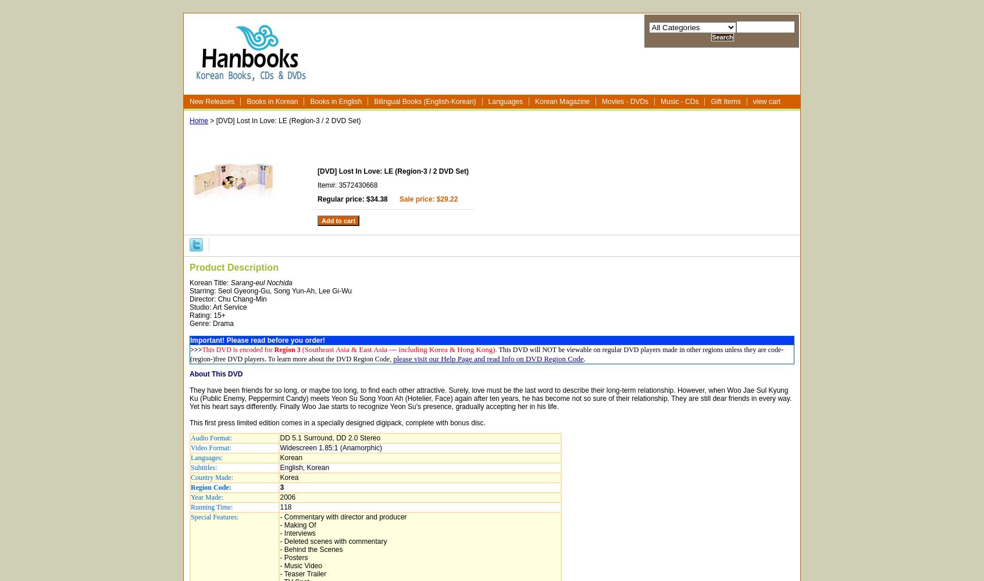 The image size is (984, 581). I want to click on 'Southeast 
				Asia & East Asia --- including Korea & Hong Kong)', so click(399, 349).